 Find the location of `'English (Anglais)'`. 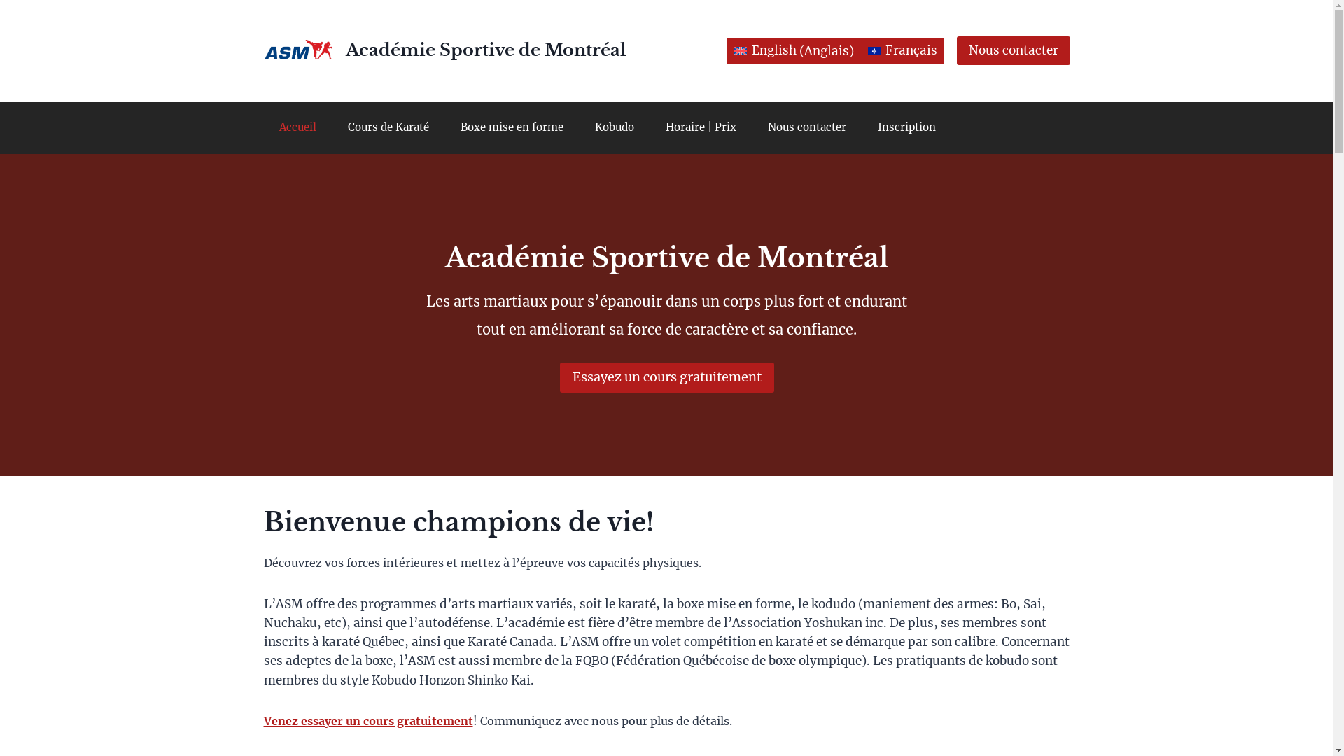

'English (Anglais)' is located at coordinates (794, 50).